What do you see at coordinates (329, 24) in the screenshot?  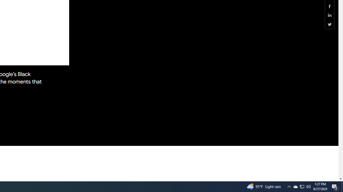 I see `'Share this page (Twitter)'` at bounding box center [329, 24].